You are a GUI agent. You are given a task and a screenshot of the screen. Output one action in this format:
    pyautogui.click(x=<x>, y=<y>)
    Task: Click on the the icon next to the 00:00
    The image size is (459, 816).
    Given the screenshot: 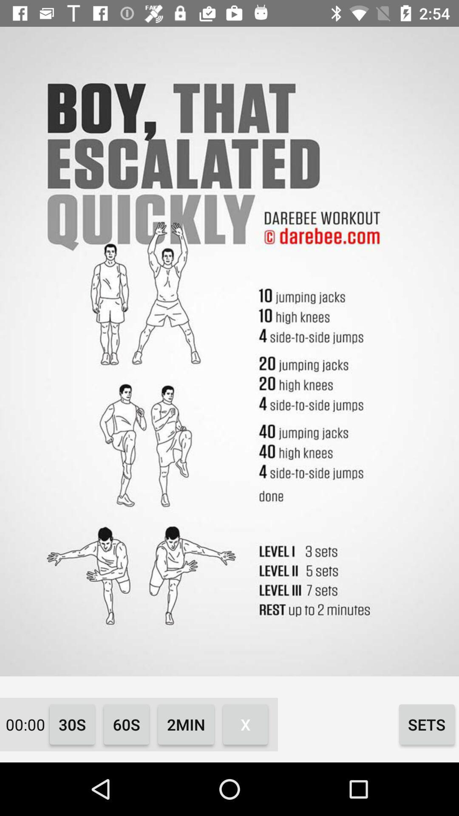 What is the action you would take?
    pyautogui.click(x=72, y=724)
    